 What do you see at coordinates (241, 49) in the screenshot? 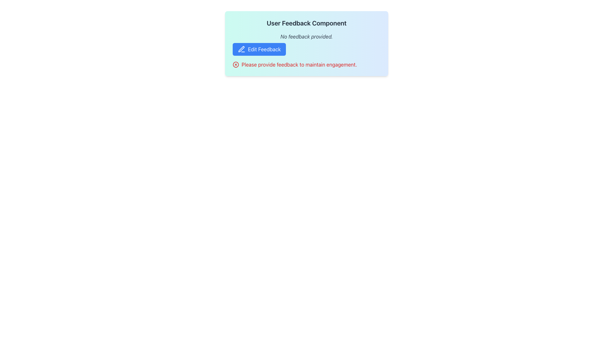
I see `the edit icon located within the 'Edit Feedback' button at the top-left corner of the user feedback card` at bounding box center [241, 49].